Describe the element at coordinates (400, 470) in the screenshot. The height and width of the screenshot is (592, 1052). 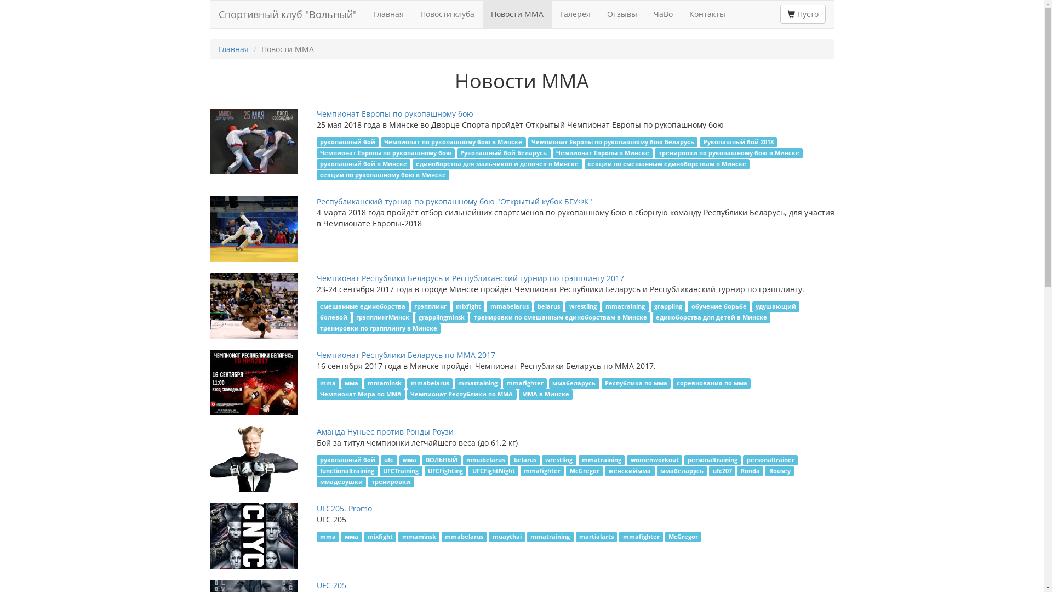
I see `'UFCTraining'` at that location.